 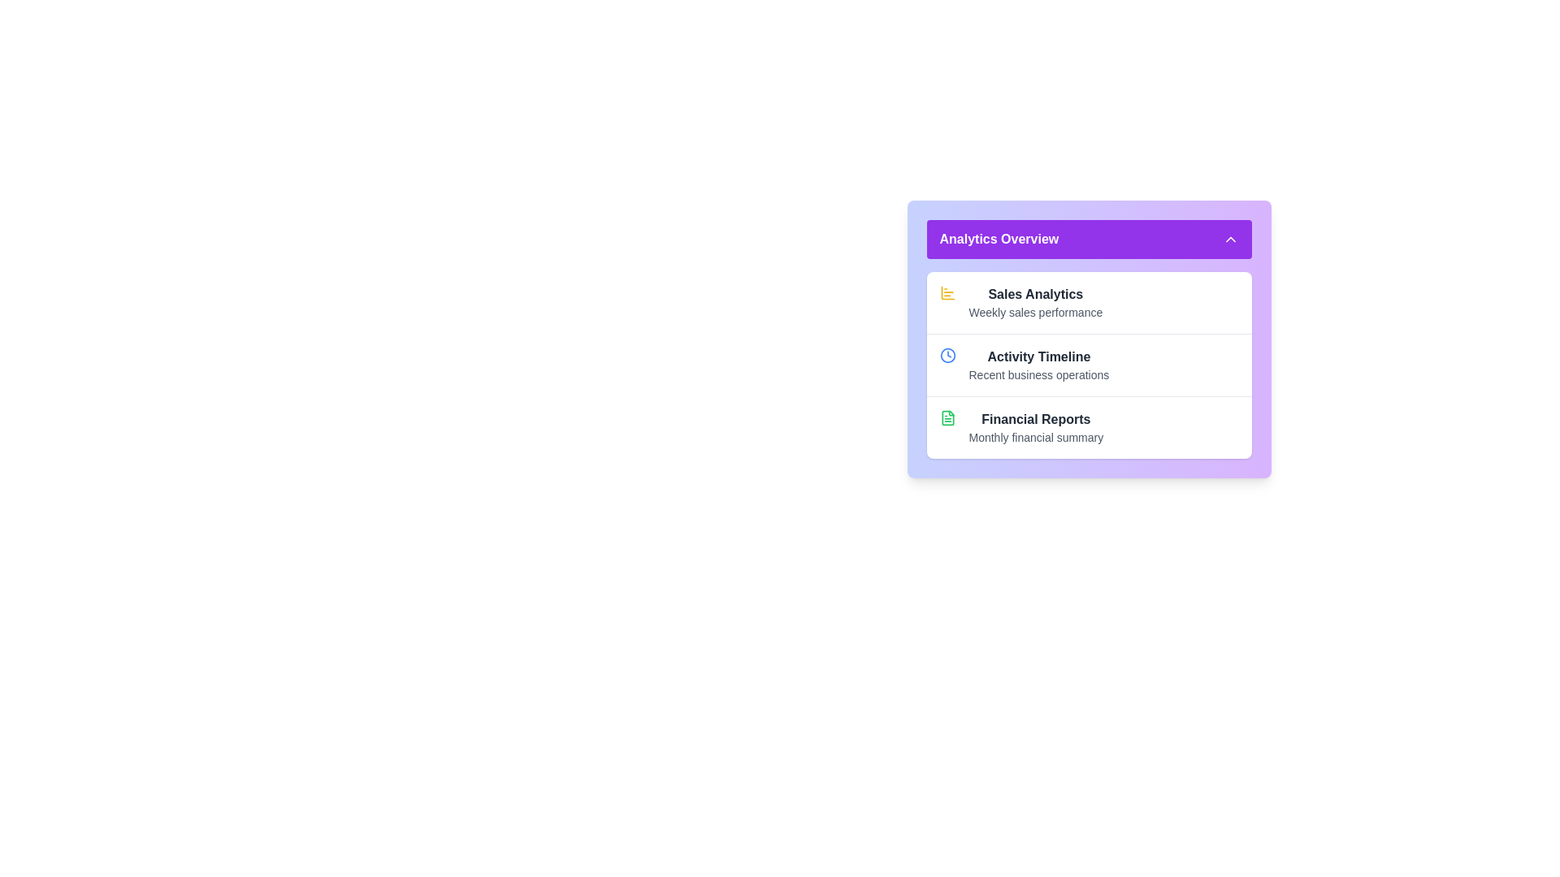 What do you see at coordinates (947, 427) in the screenshot?
I see `the green document symbol icon located to the left of the 'Financial Reports Monthly financial summary' text in the 'Financial Reports' entry of the 'Analytics Overview' section` at bounding box center [947, 427].